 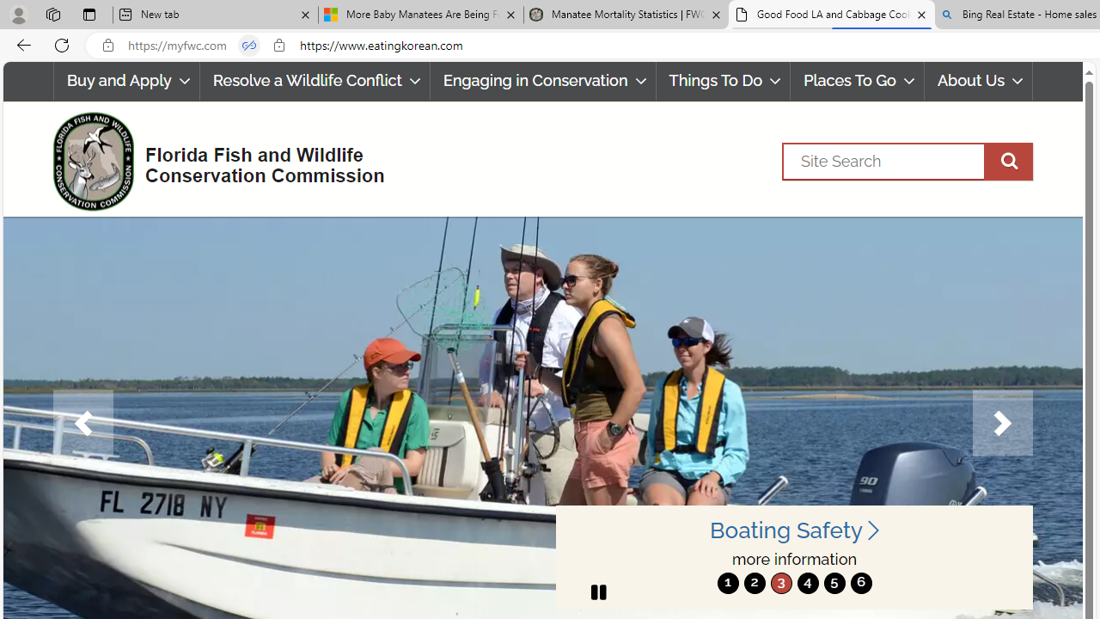 I want to click on 'move to slide 6', so click(x=861, y=582).